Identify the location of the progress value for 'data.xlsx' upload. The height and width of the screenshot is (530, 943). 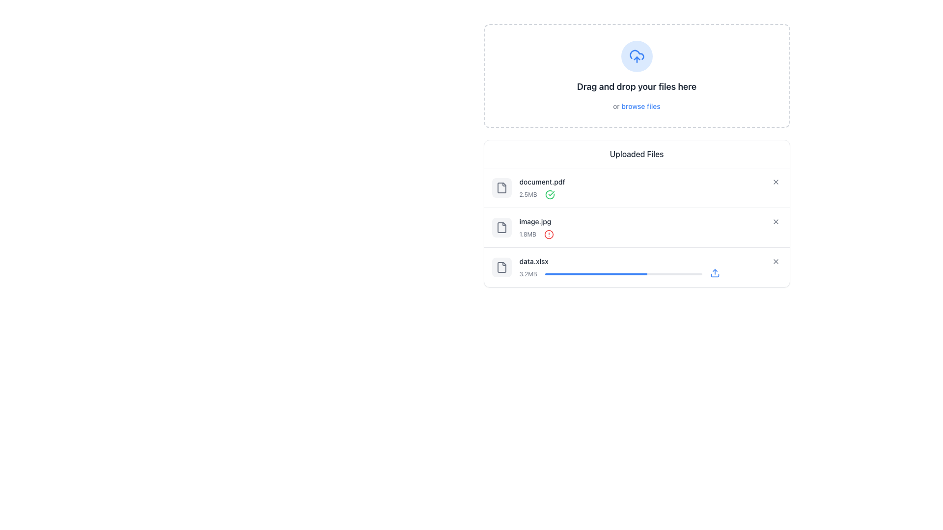
(562, 274).